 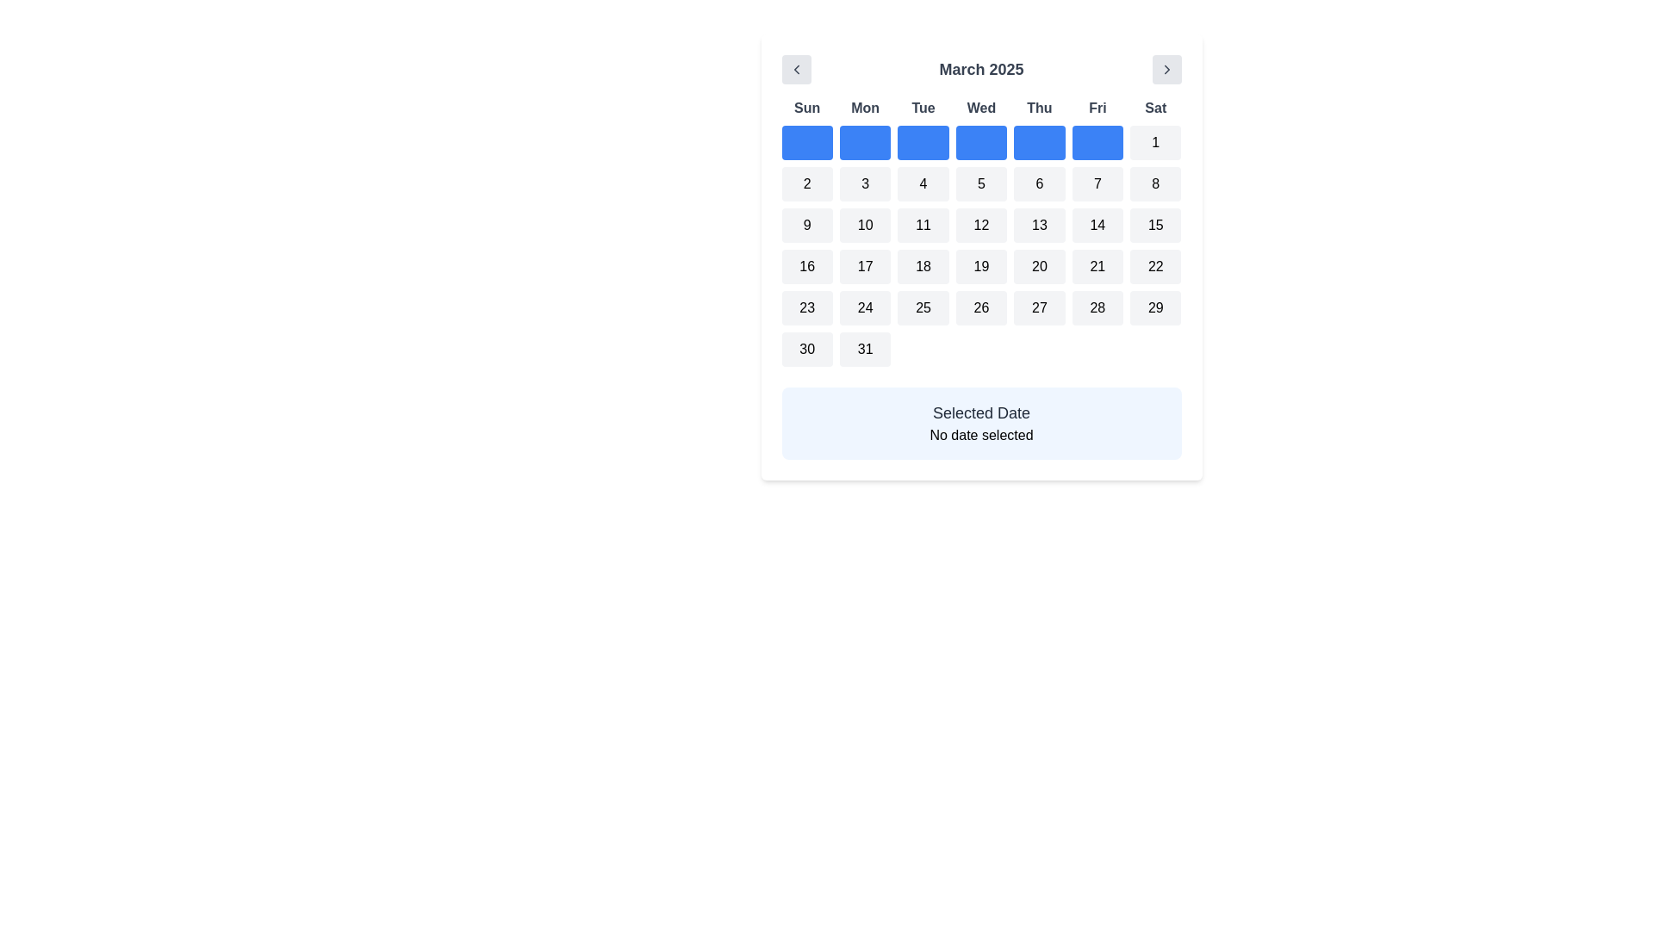 What do you see at coordinates (923, 307) in the screenshot?
I see `the selectable day button for '25' in the calendar interface` at bounding box center [923, 307].